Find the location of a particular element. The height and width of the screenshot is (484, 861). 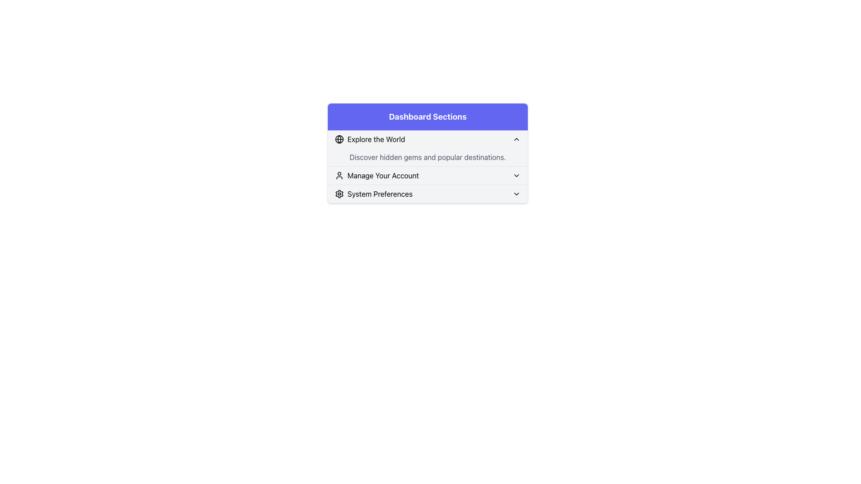

the globe icon representing the 'Explore the World' section located on the leftmost side of the dashboard is located at coordinates (339, 139).